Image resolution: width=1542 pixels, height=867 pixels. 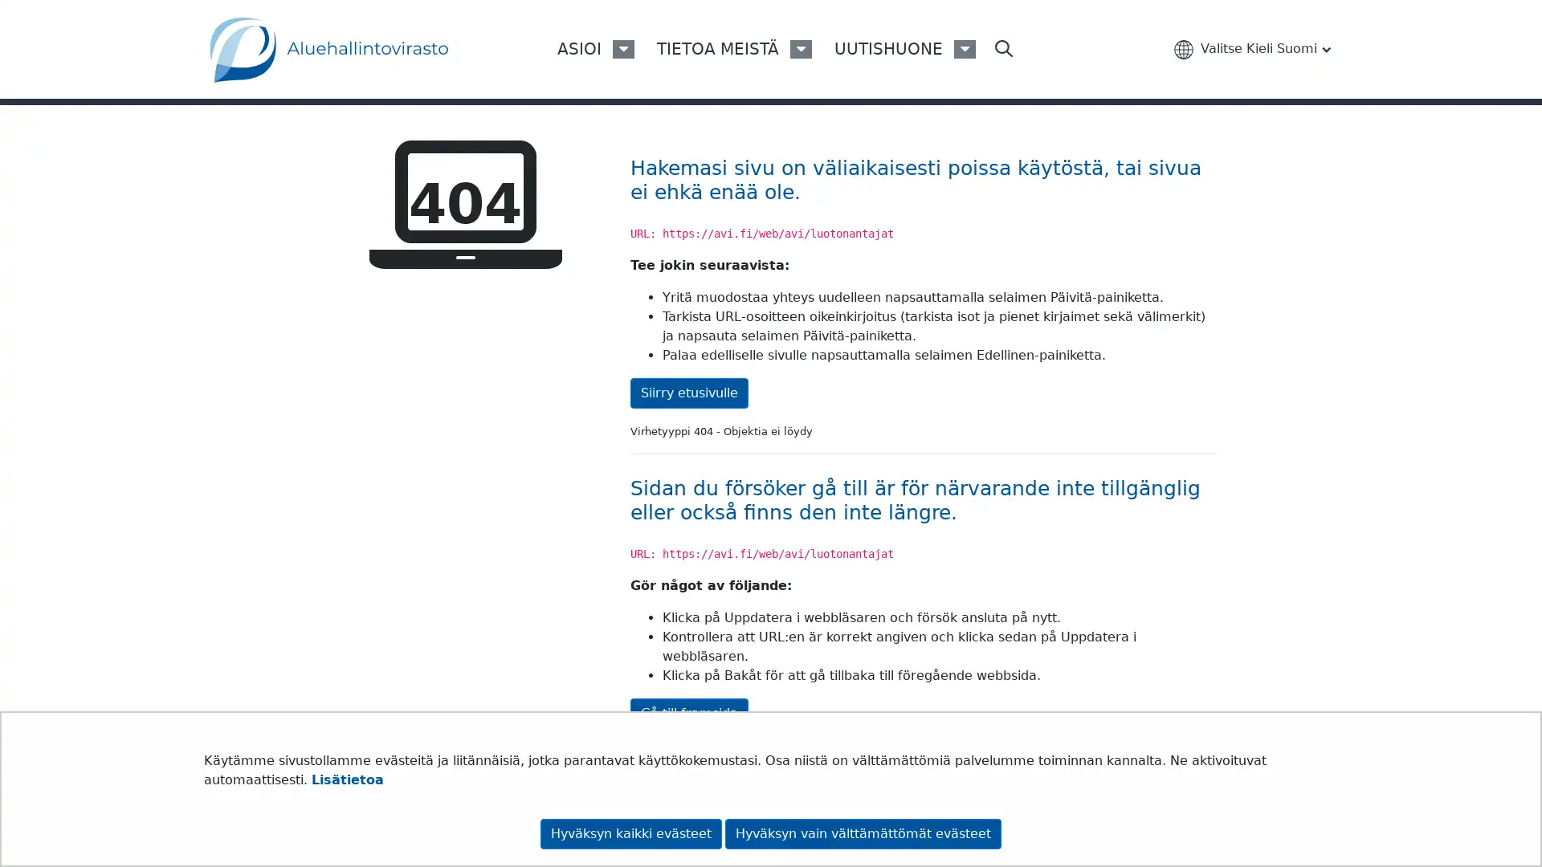 I want to click on Hyvaksyn vain valttamattomat evasteet, so click(x=863, y=832).